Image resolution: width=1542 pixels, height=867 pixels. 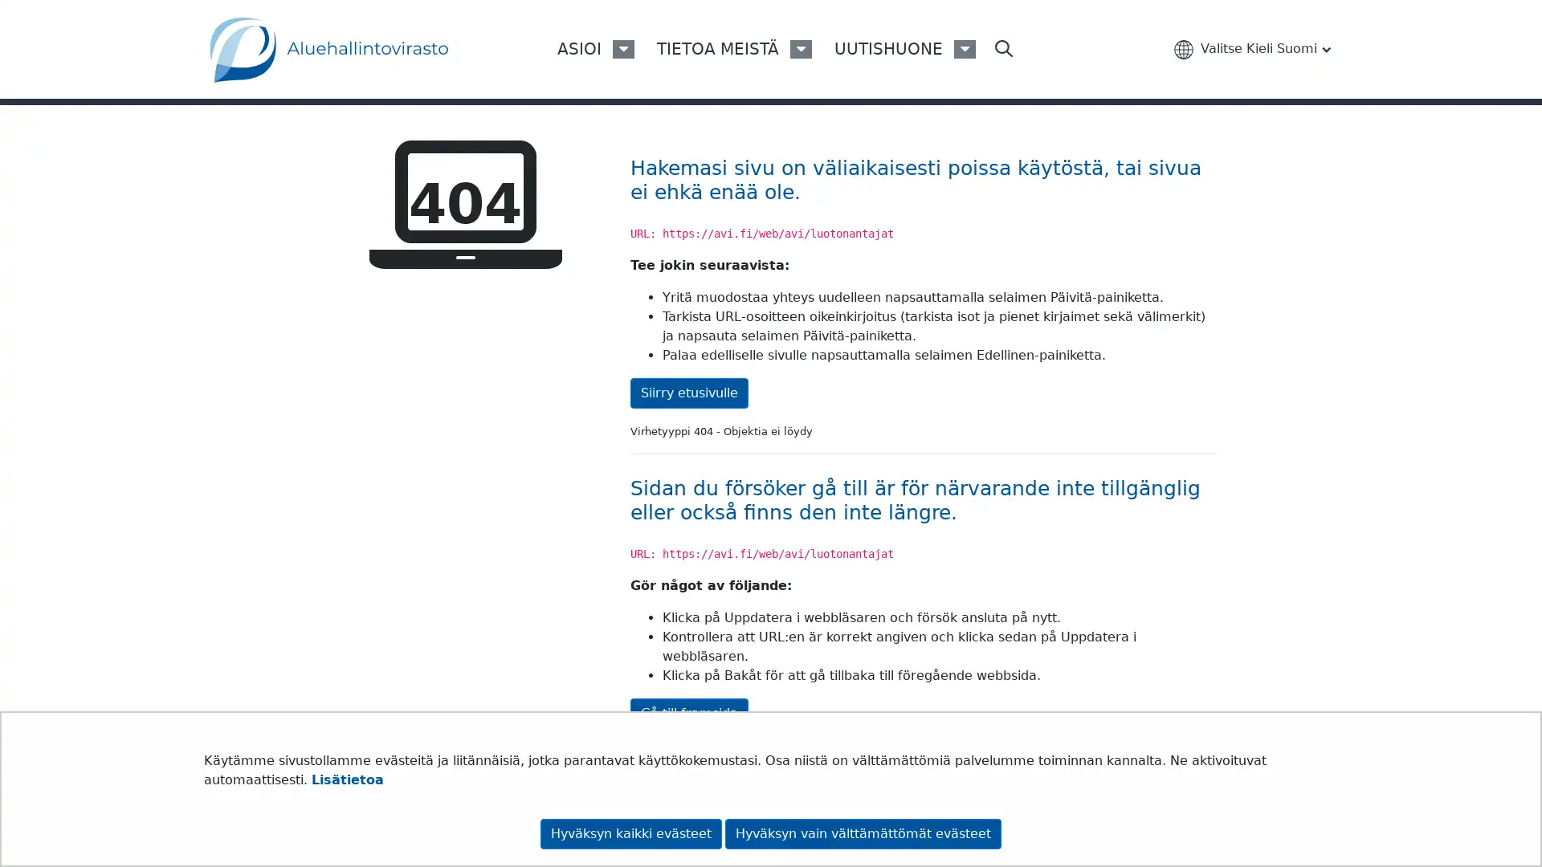 I want to click on Hyvaksyn vain valttamattomat evasteet, so click(x=863, y=832).